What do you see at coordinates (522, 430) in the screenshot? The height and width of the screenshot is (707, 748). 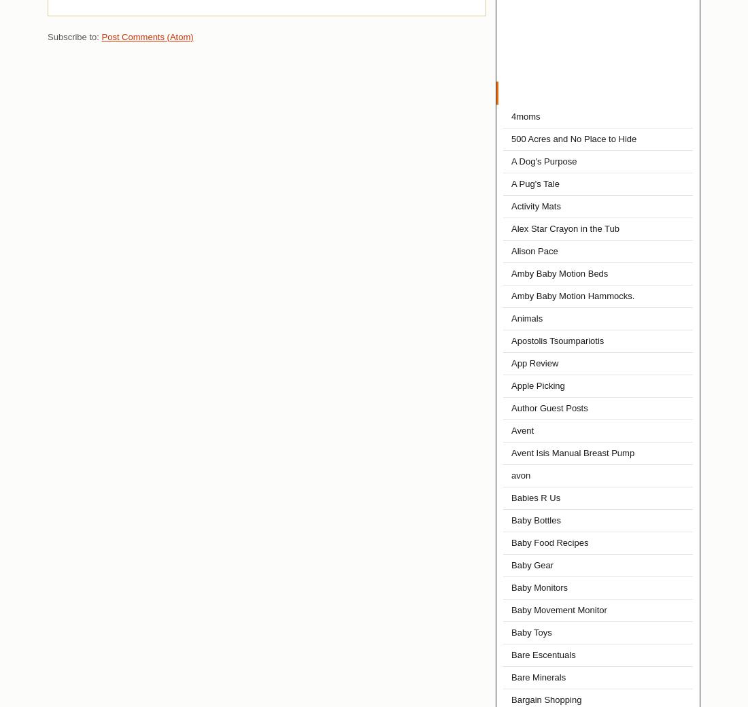 I see `'Avent'` at bounding box center [522, 430].